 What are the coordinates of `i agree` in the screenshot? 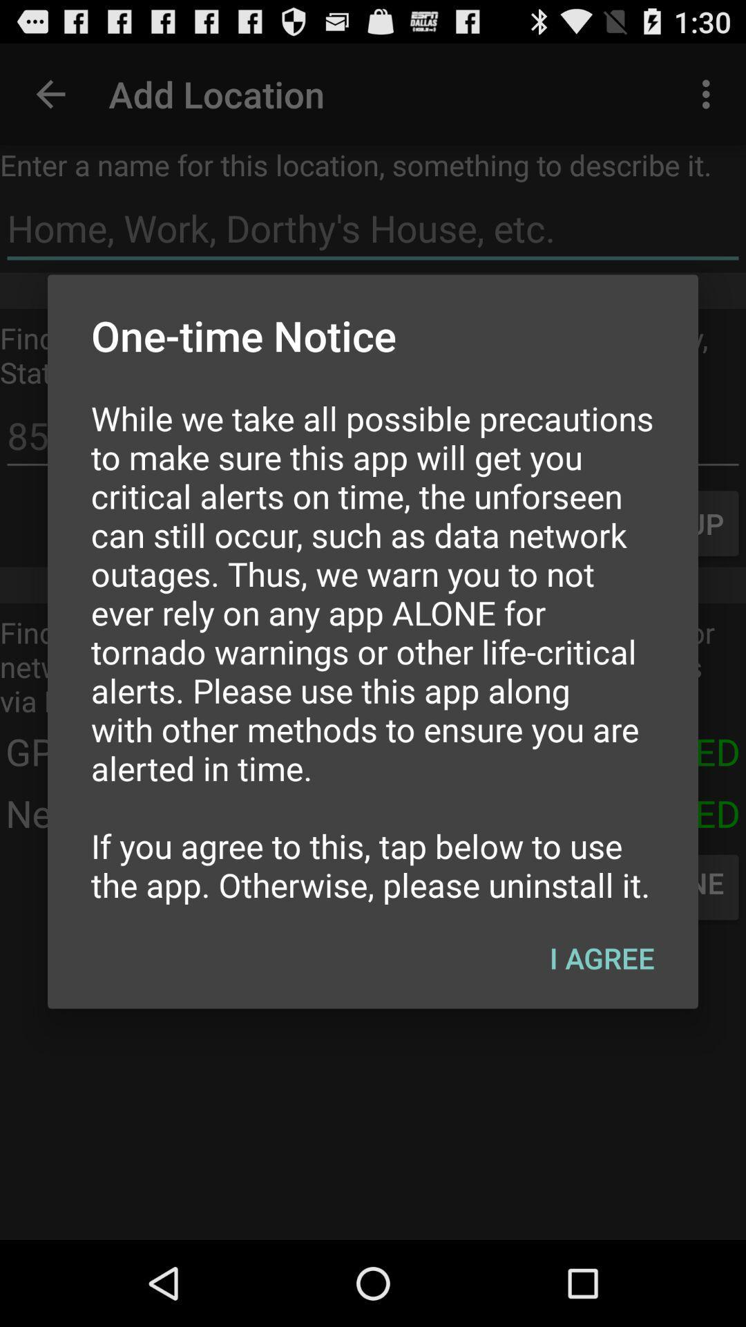 It's located at (601, 957).